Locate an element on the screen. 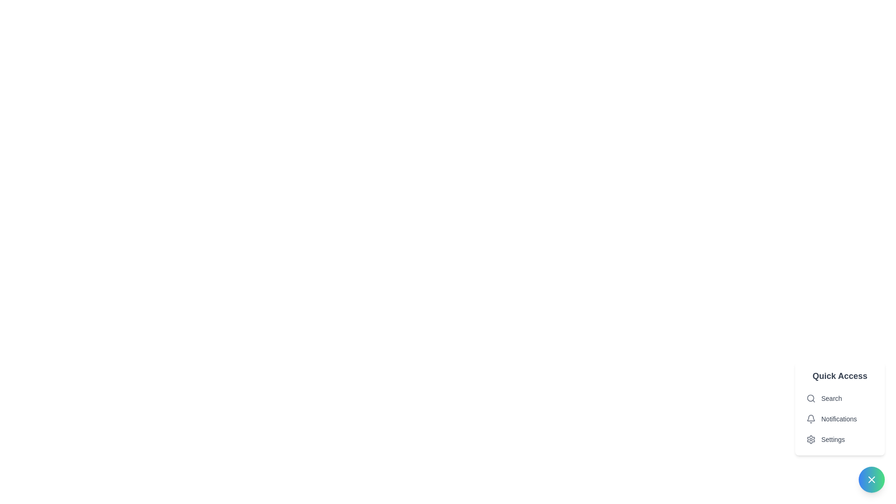 Image resolution: width=896 pixels, height=504 pixels. the 'Quick Access' text label, which is displayed in bold at the top of the menu panel with a white background and rounded borders is located at coordinates (840, 376).